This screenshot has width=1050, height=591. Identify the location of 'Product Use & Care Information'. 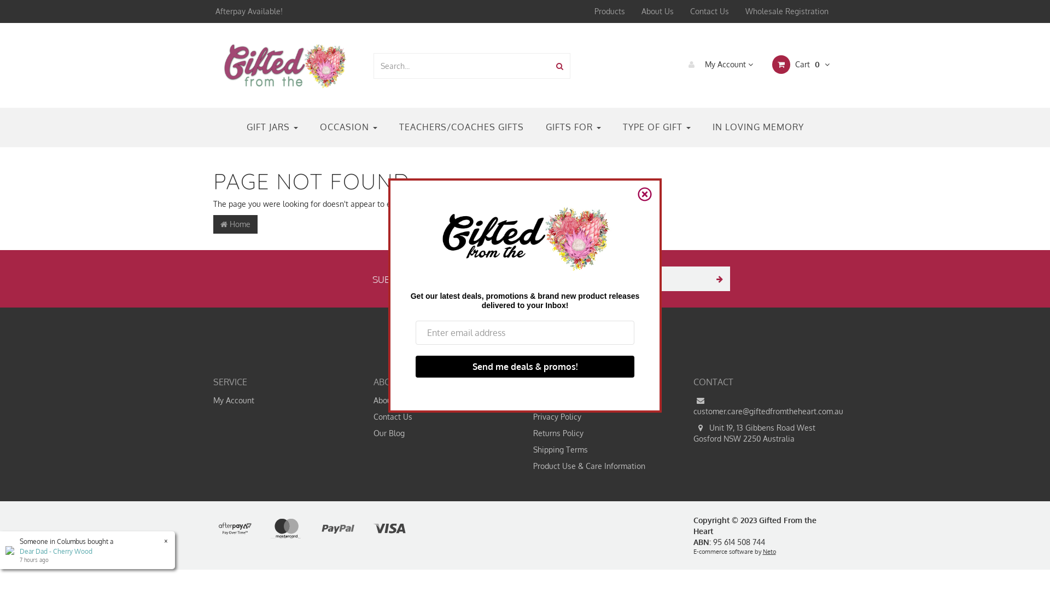
(600, 466).